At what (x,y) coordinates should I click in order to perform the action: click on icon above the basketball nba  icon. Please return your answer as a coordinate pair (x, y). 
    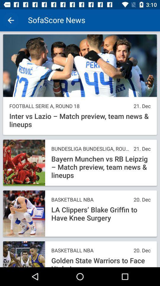
    Looking at the image, I should click on (100, 214).